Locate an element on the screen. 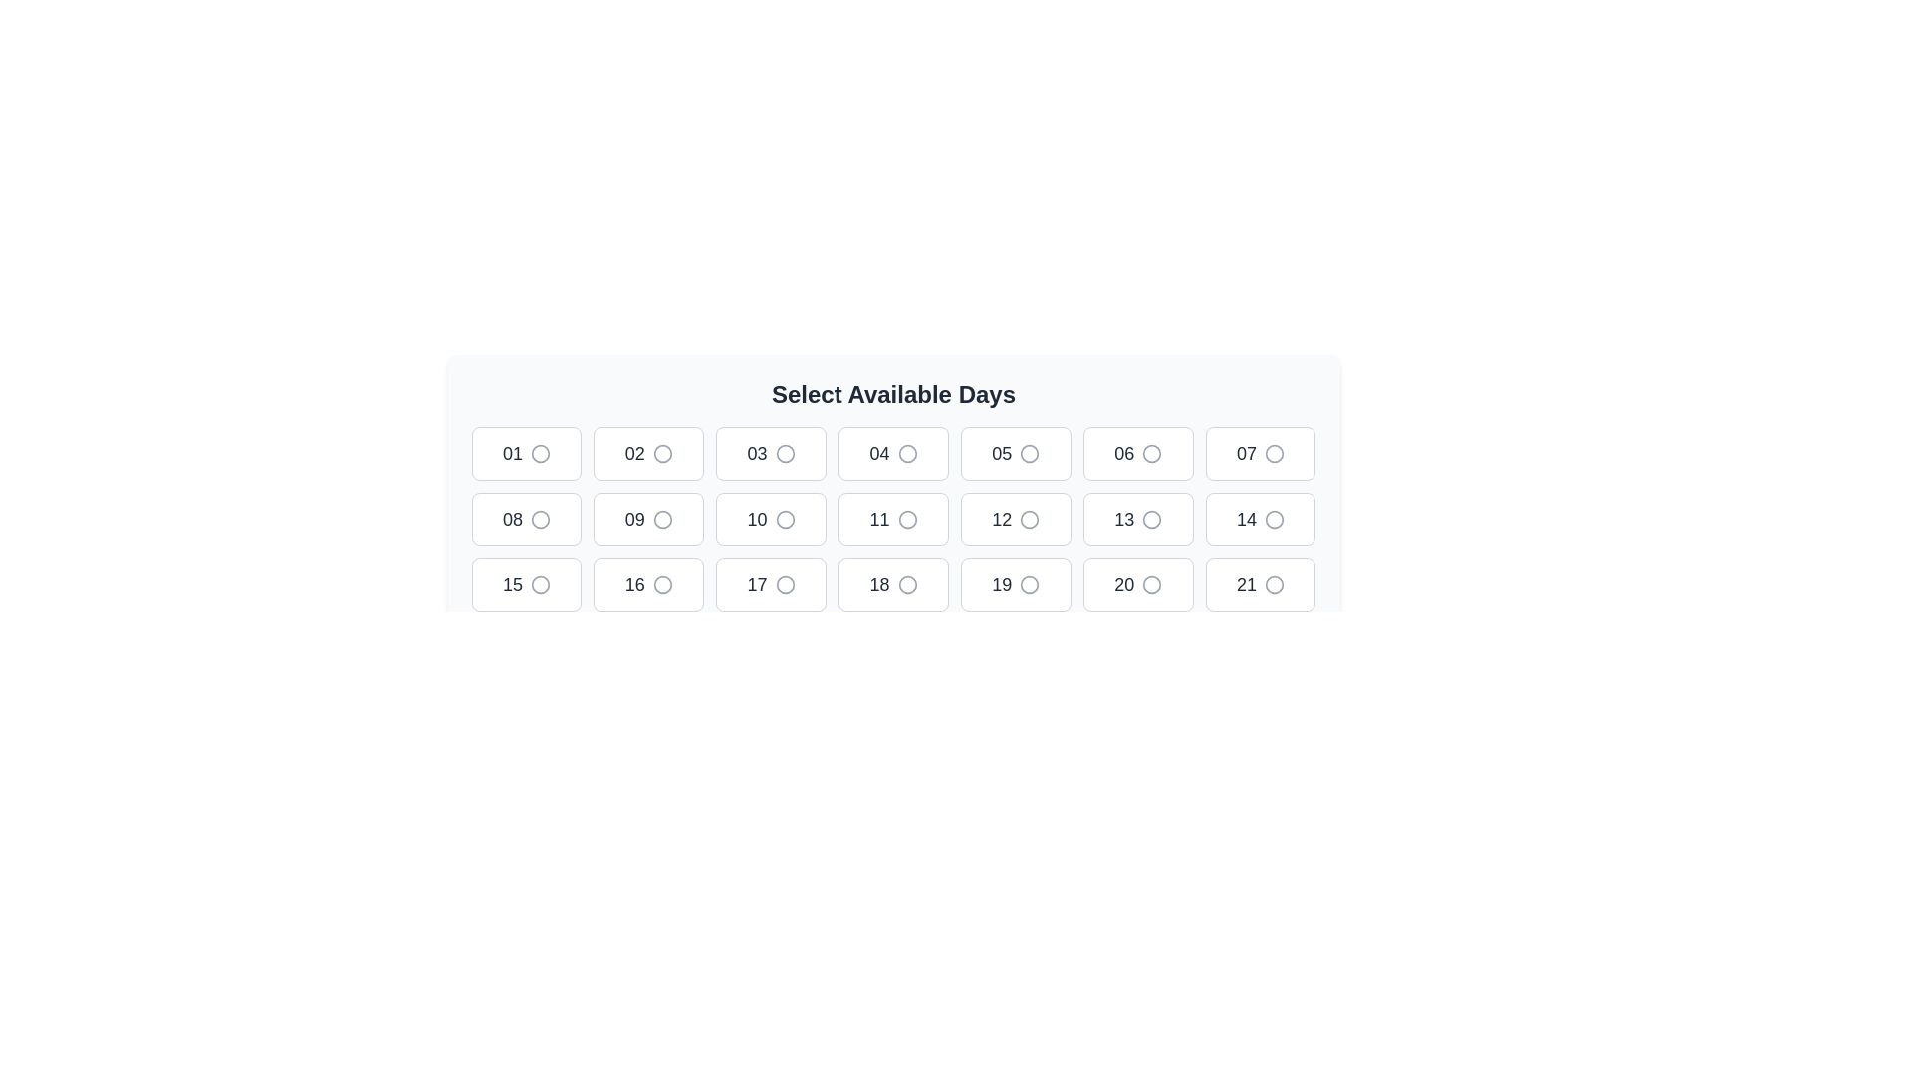 Image resolution: width=1912 pixels, height=1075 pixels. the button with integrated radio selection that displays '17' and is located in the third row and third column of the grid layout is located at coordinates (770, 583).